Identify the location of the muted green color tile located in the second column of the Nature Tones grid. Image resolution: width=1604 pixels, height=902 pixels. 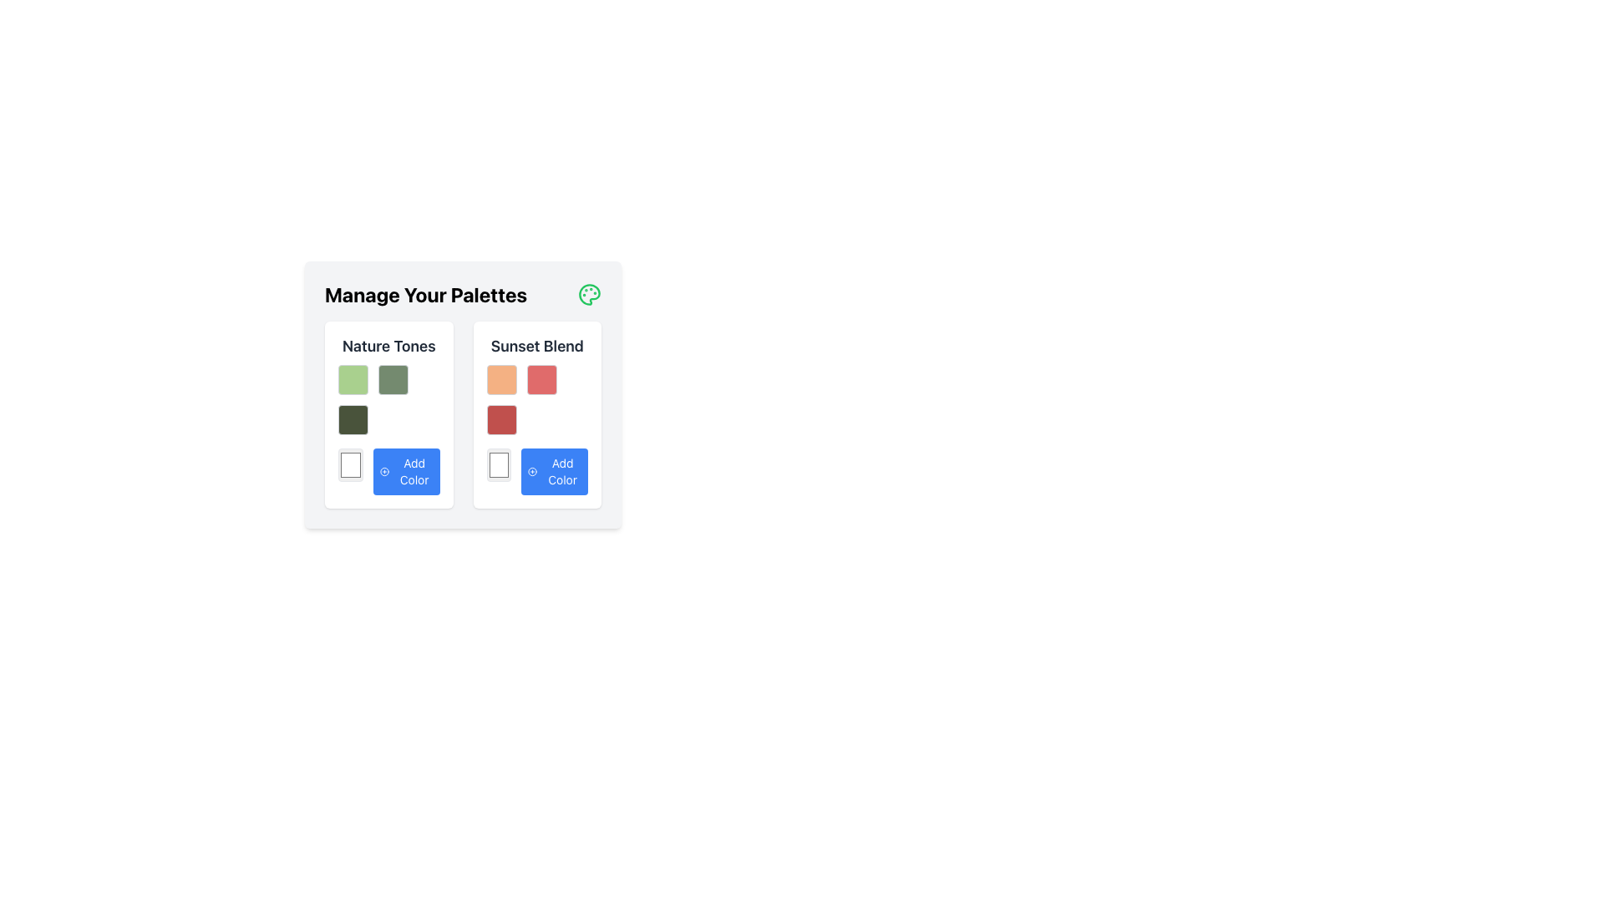
(392, 380).